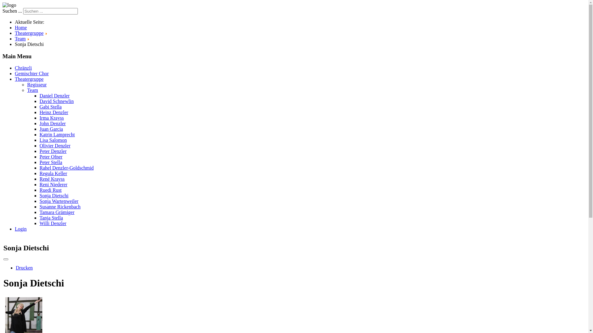 The width and height of the screenshot is (593, 333). Describe the element at coordinates (59, 201) in the screenshot. I see `'Sonja Wartenweiler'` at that location.